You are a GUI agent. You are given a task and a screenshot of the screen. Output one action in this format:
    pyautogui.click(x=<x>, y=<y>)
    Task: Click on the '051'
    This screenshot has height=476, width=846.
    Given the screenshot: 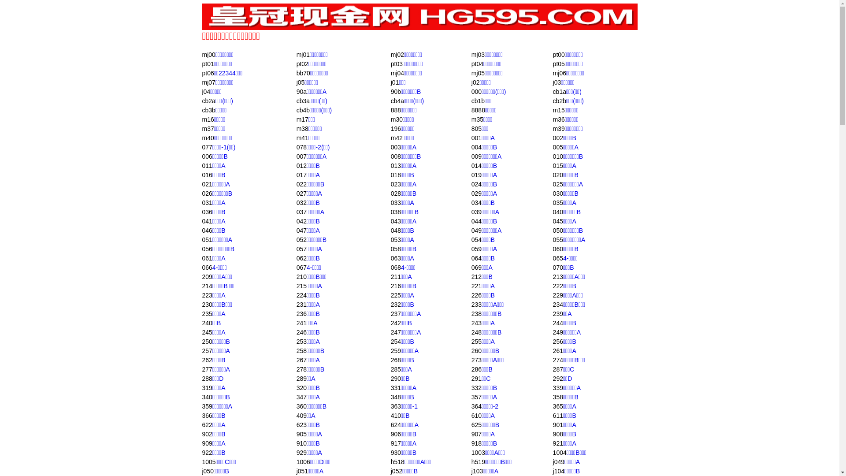 What is the action you would take?
    pyautogui.click(x=206, y=239)
    